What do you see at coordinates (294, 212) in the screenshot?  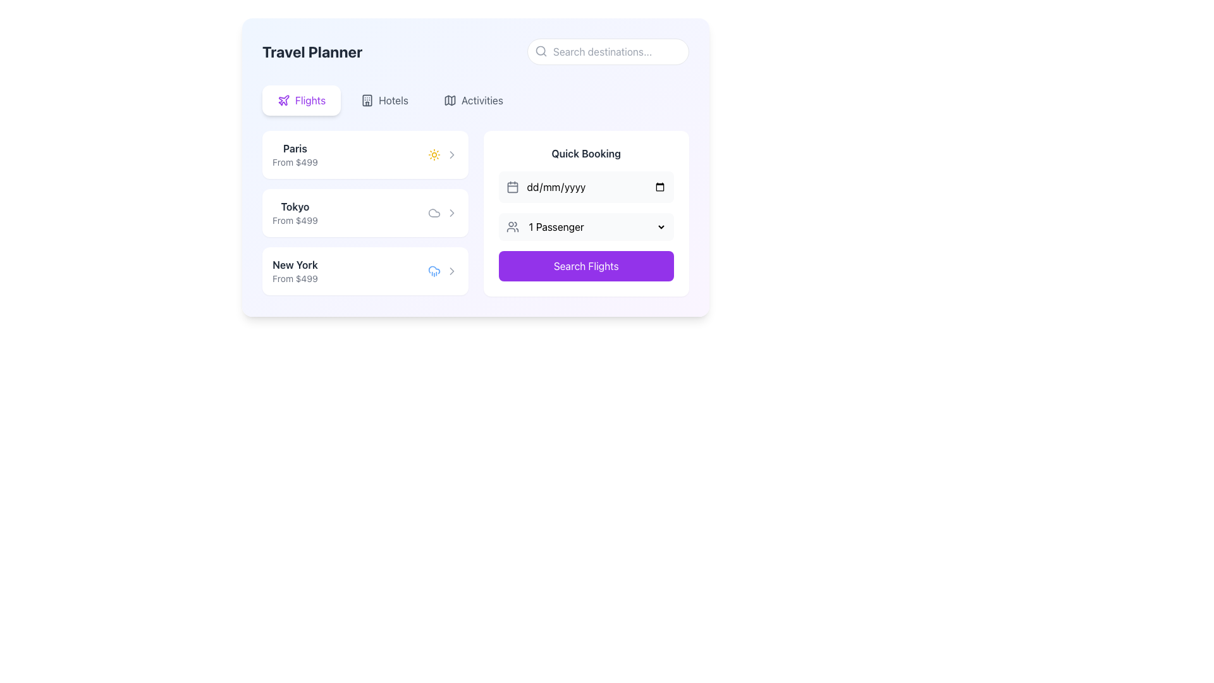 I see `flight destination 'Tokyo' and price information '$499' from the text element group located under the 'Flights' tab, positioned between Paris and New York` at bounding box center [294, 212].